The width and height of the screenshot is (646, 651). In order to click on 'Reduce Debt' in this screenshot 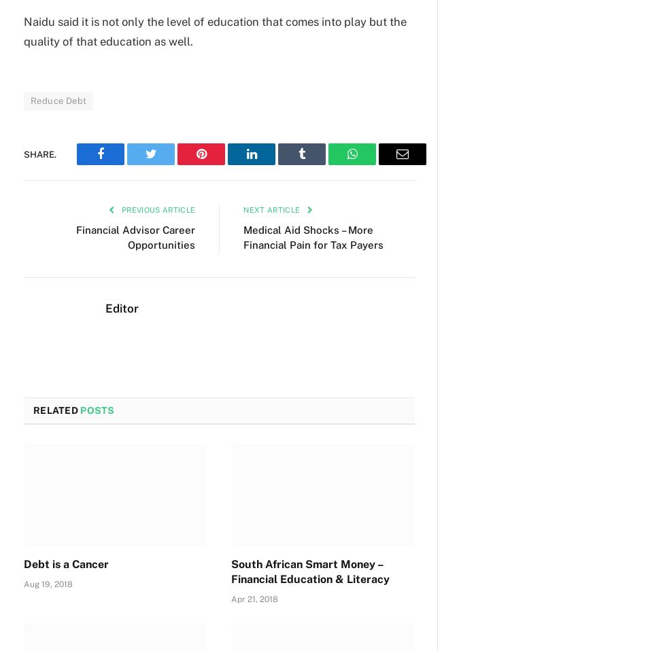, I will do `click(58, 101)`.